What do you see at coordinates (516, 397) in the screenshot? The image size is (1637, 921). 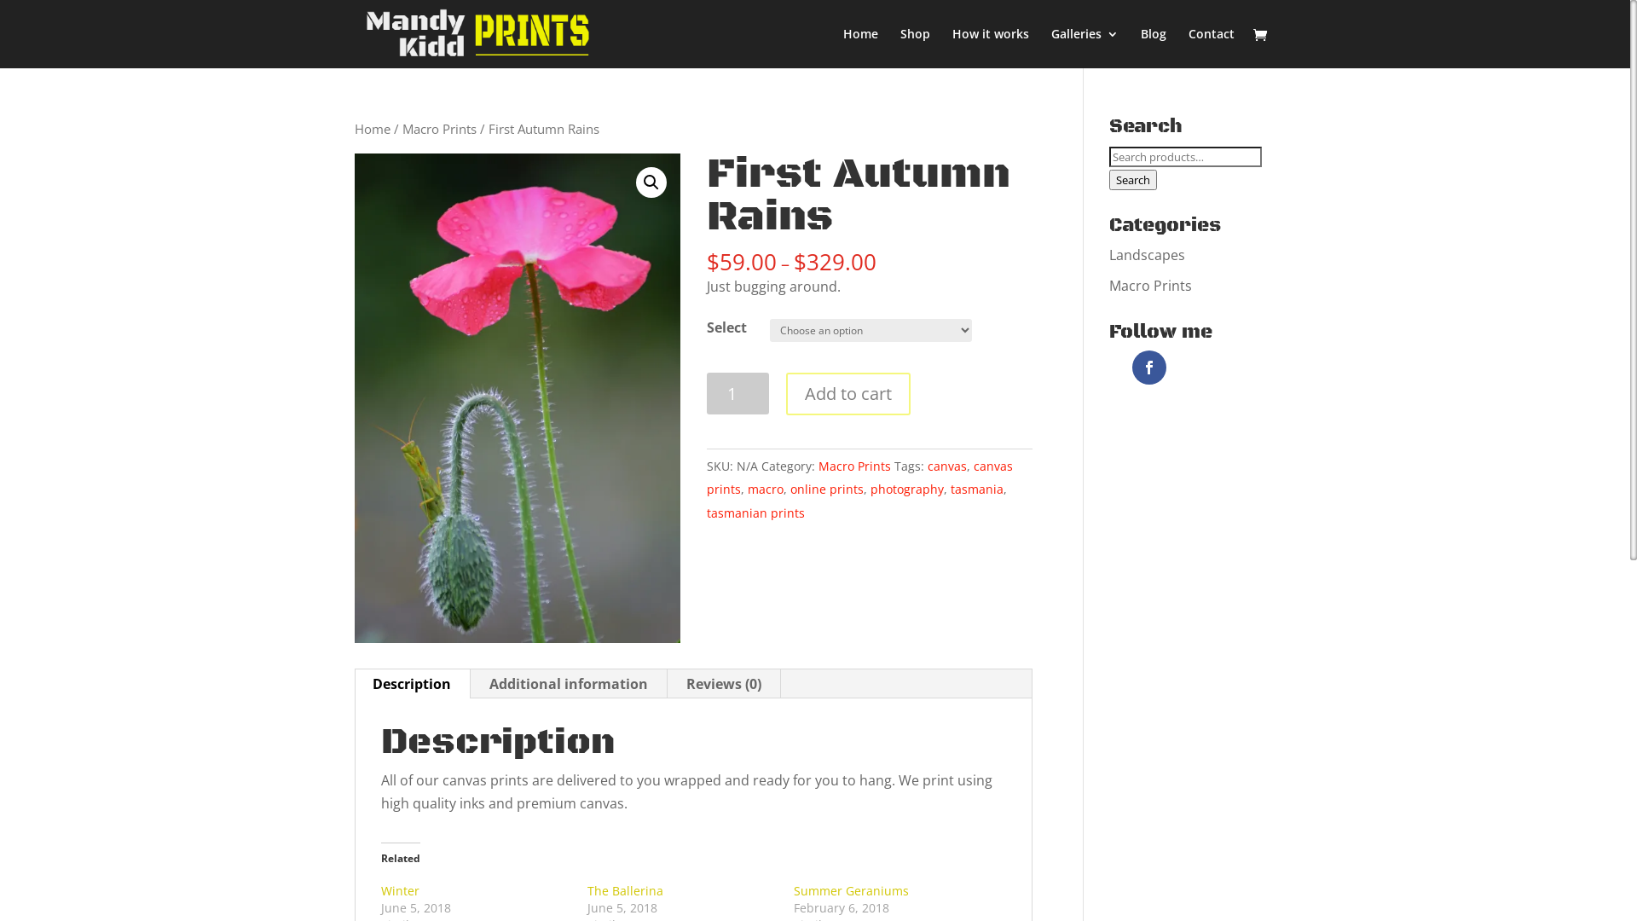 I see `'first autumn rains'` at bounding box center [516, 397].